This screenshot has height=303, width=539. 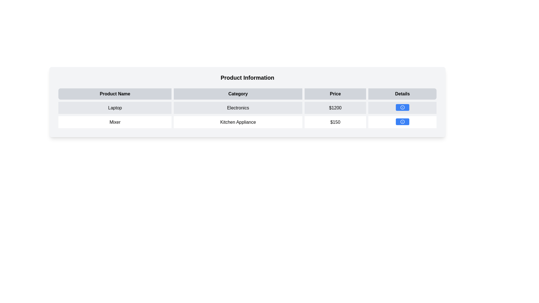 What do you see at coordinates (115, 108) in the screenshot?
I see `the 'Laptop' text label in the first column of the table, which represents the product name for the first row item in the 'Electronics' category` at bounding box center [115, 108].